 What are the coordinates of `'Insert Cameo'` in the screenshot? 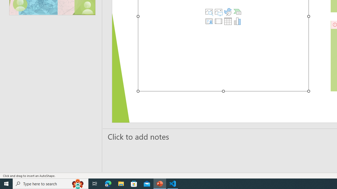 It's located at (209, 21).